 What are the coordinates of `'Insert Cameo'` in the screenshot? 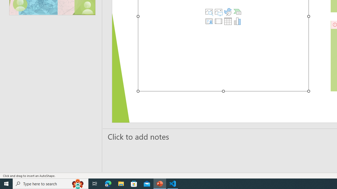 It's located at (209, 21).